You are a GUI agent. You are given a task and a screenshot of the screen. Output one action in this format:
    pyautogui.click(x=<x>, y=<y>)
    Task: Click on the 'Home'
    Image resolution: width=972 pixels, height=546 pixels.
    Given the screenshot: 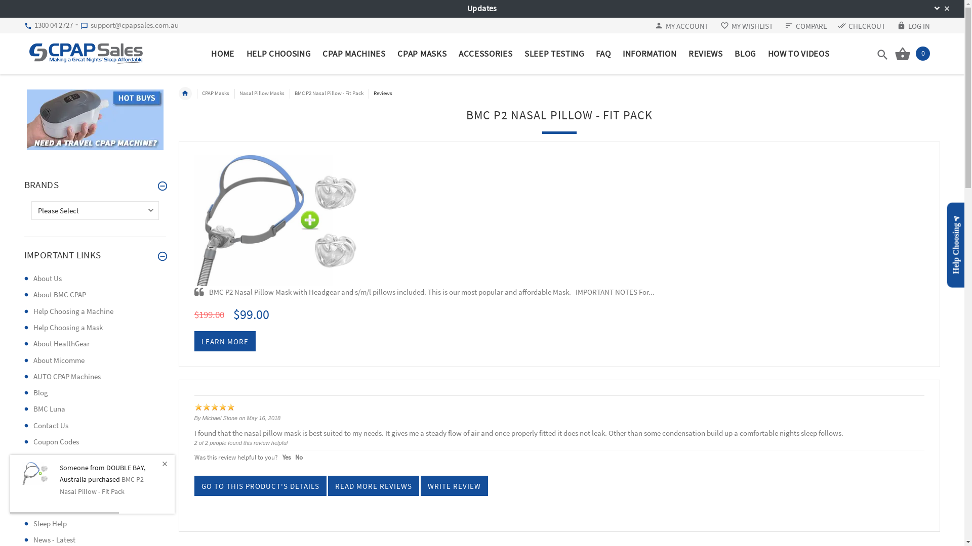 What is the action you would take?
    pyautogui.click(x=185, y=94)
    